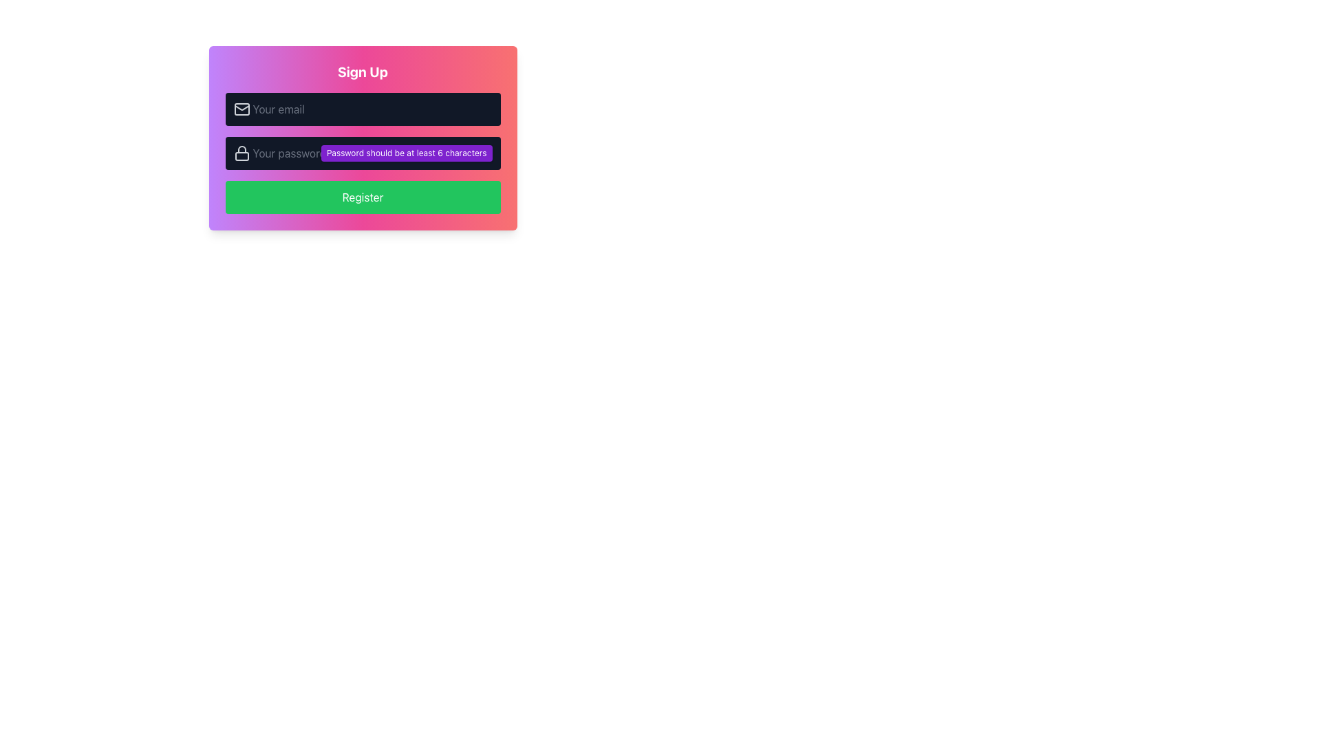 This screenshot has height=743, width=1321. I want to click on the heading text element displaying 'Sign Up', which is prominently styled with a bold and large font at the top of the interface section, so click(363, 72).